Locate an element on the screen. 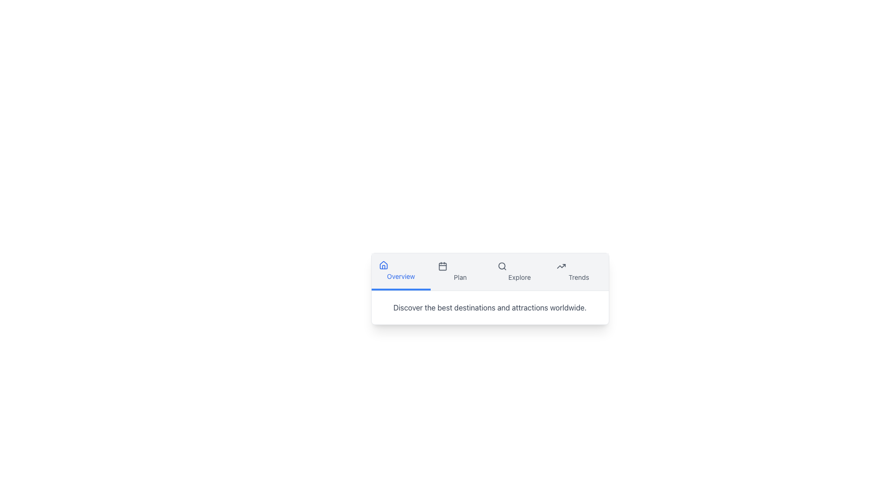 This screenshot has width=893, height=502. the 'Plan' button, which is the second button from the left in a horizontal navigation menu, featuring a calendar icon and minimalistic typography on a light gray background is located at coordinates (460, 272).